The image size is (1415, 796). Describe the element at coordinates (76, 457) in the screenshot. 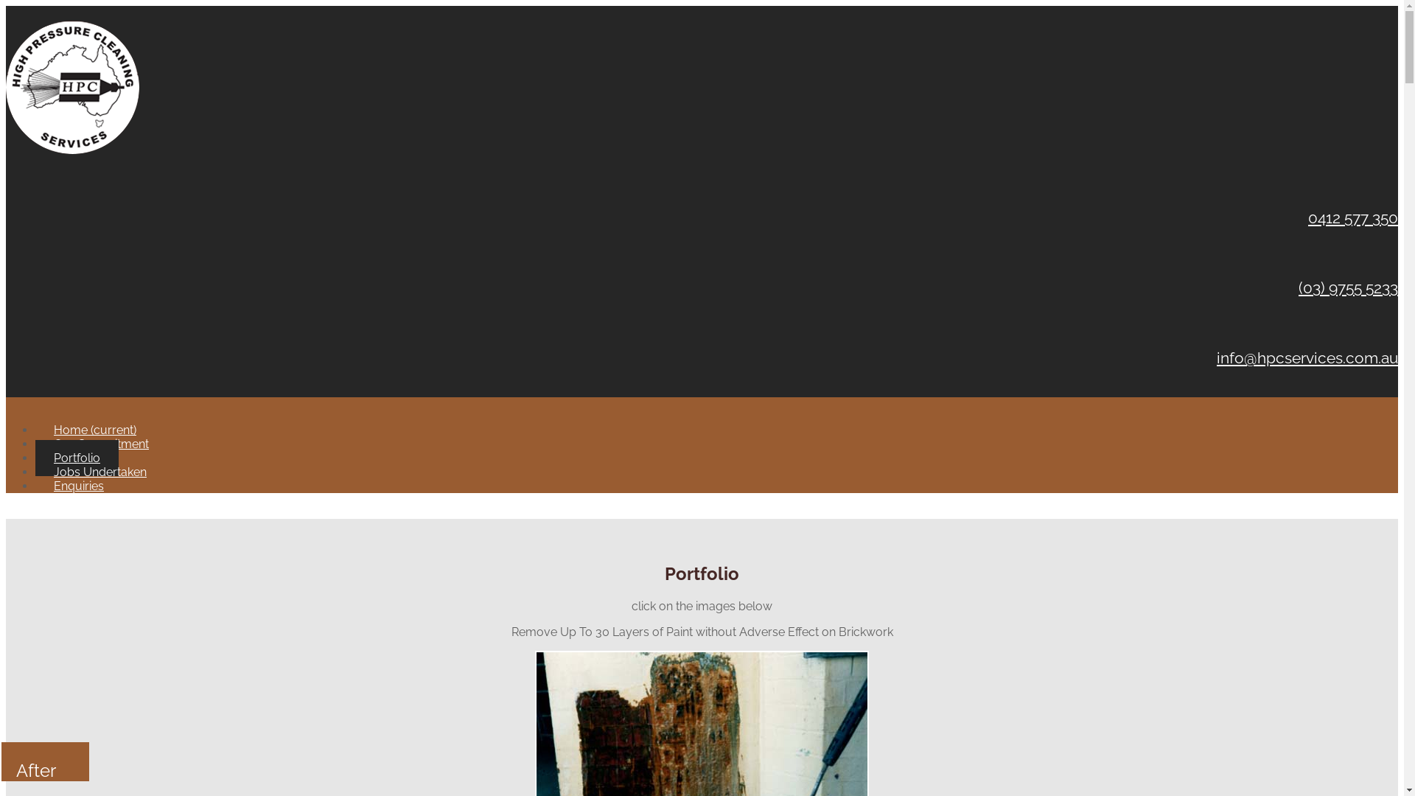

I see `'Portfolio'` at that location.